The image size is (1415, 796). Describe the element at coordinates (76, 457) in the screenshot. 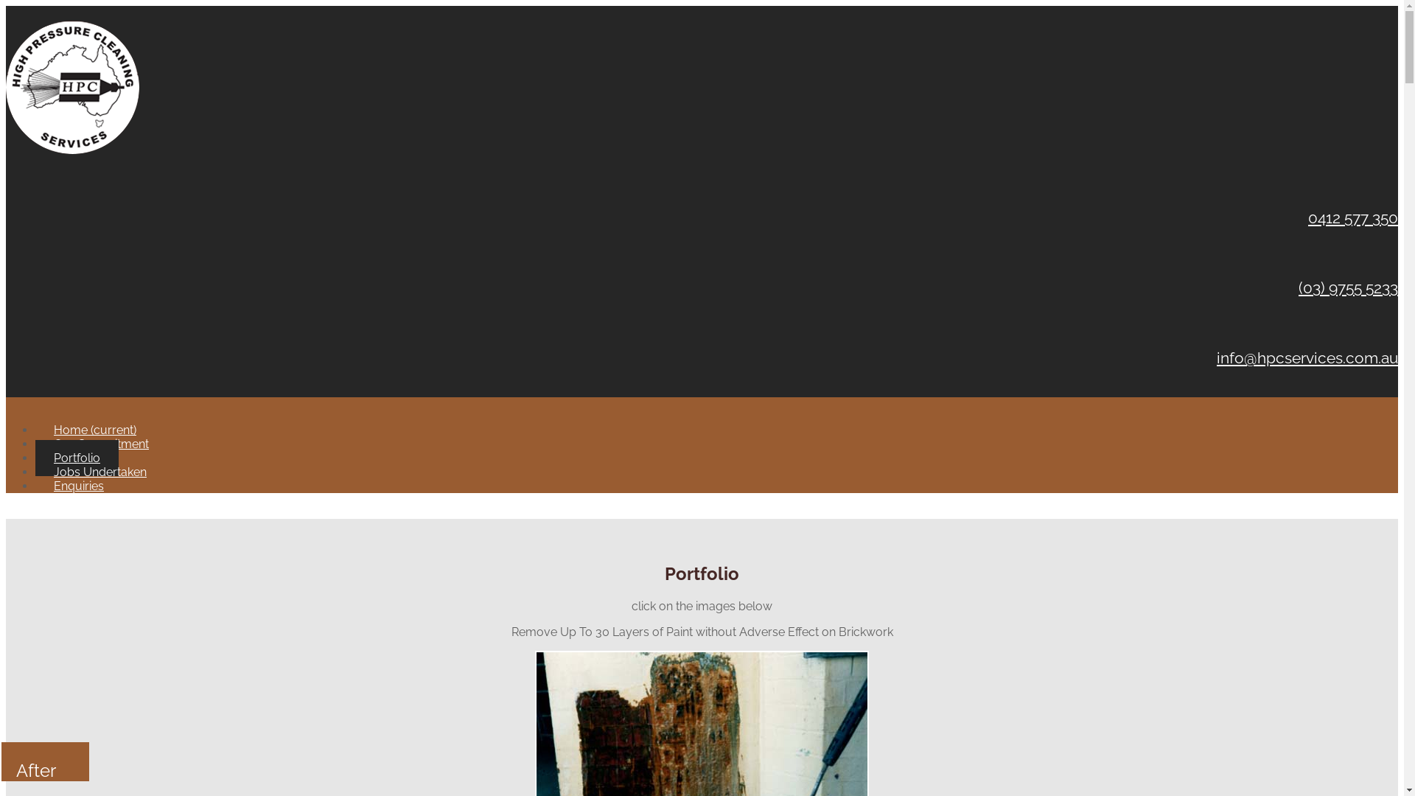

I see `'Portfolio'` at that location.